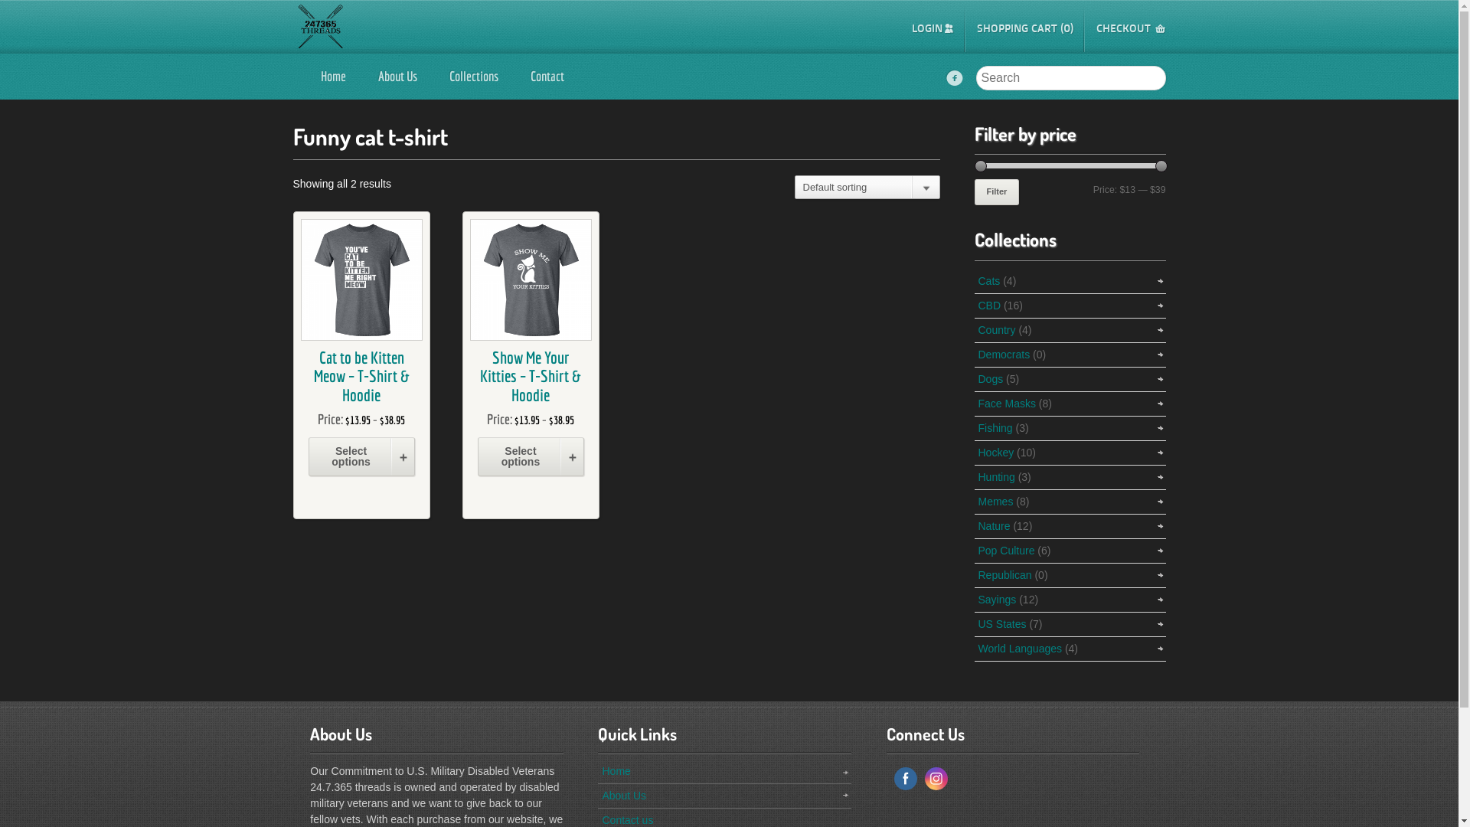 The image size is (1470, 827). Describe the element at coordinates (1131, 28) in the screenshot. I see `'CHECKOUT'` at that location.